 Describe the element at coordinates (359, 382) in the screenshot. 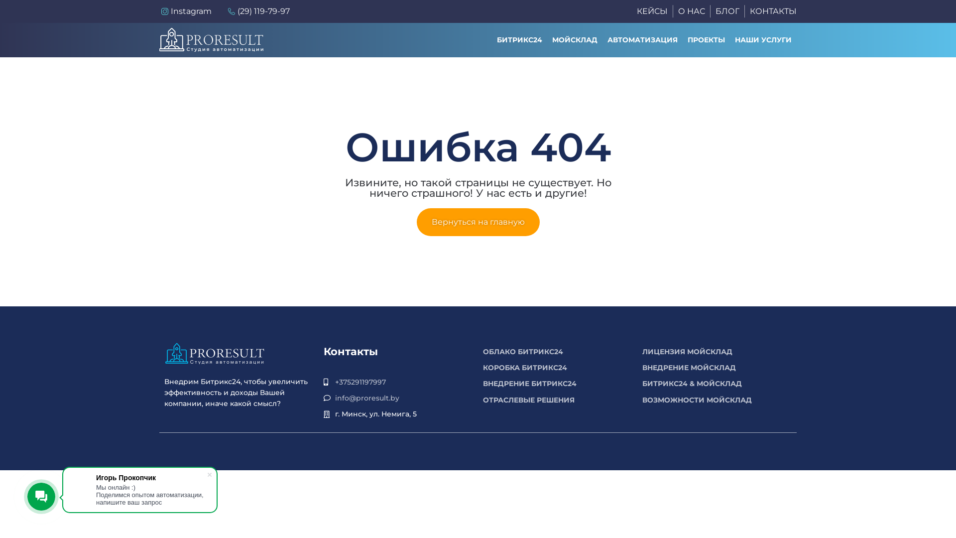

I see `'+375291197997'` at that location.